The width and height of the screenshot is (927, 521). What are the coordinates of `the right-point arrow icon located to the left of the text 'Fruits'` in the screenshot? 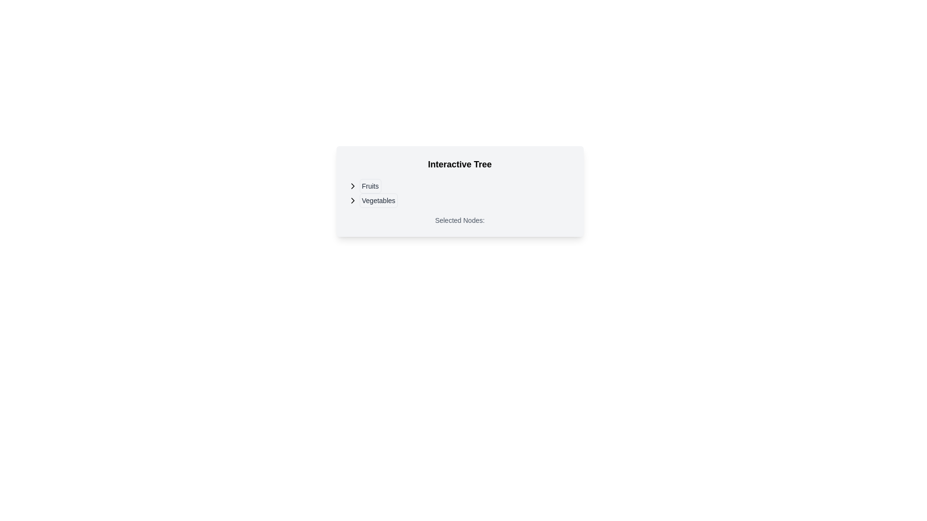 It's located at (352, 186).